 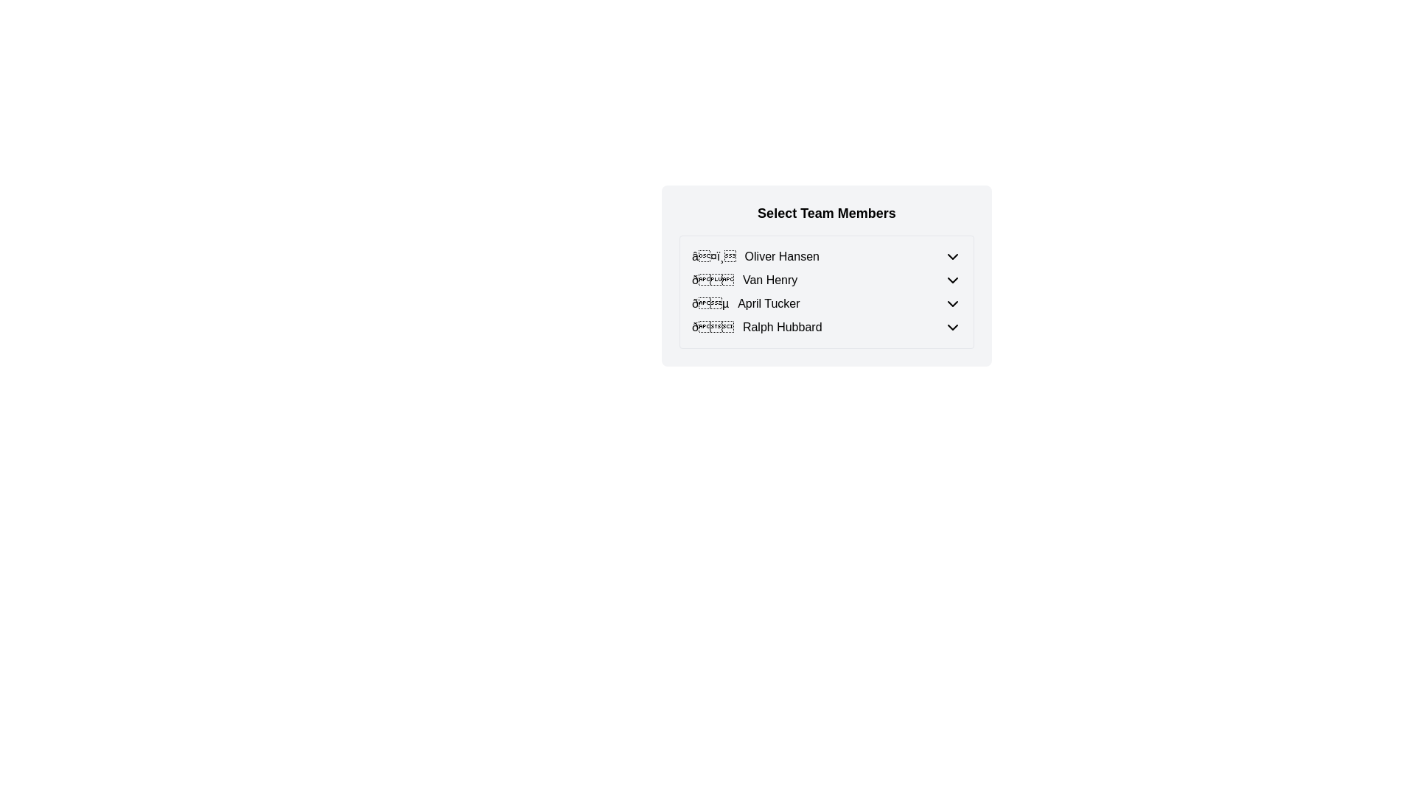 I want to click on the text element displaying 'Van Henry' with the emoji 🌟, which is the second item in the list under the header 'Select Team Members', so click(x=744, y=280).